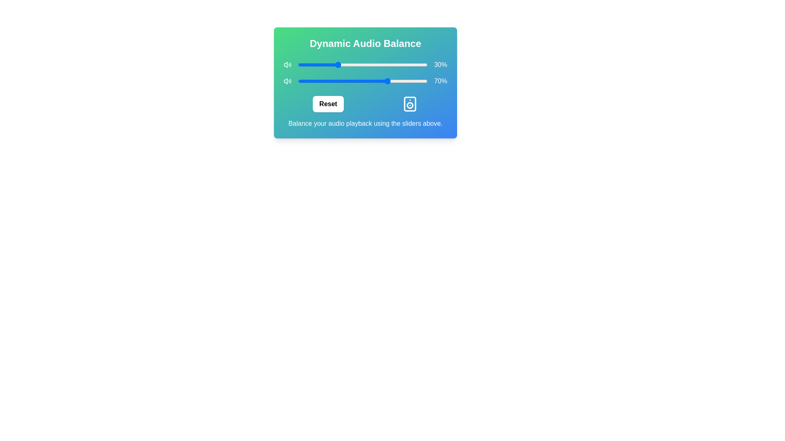 This screenshot has width=785, height=441. What do you see at coordinates (379, 64) in the screenshot?
I see `the slider` at bounding box center [379, 64].